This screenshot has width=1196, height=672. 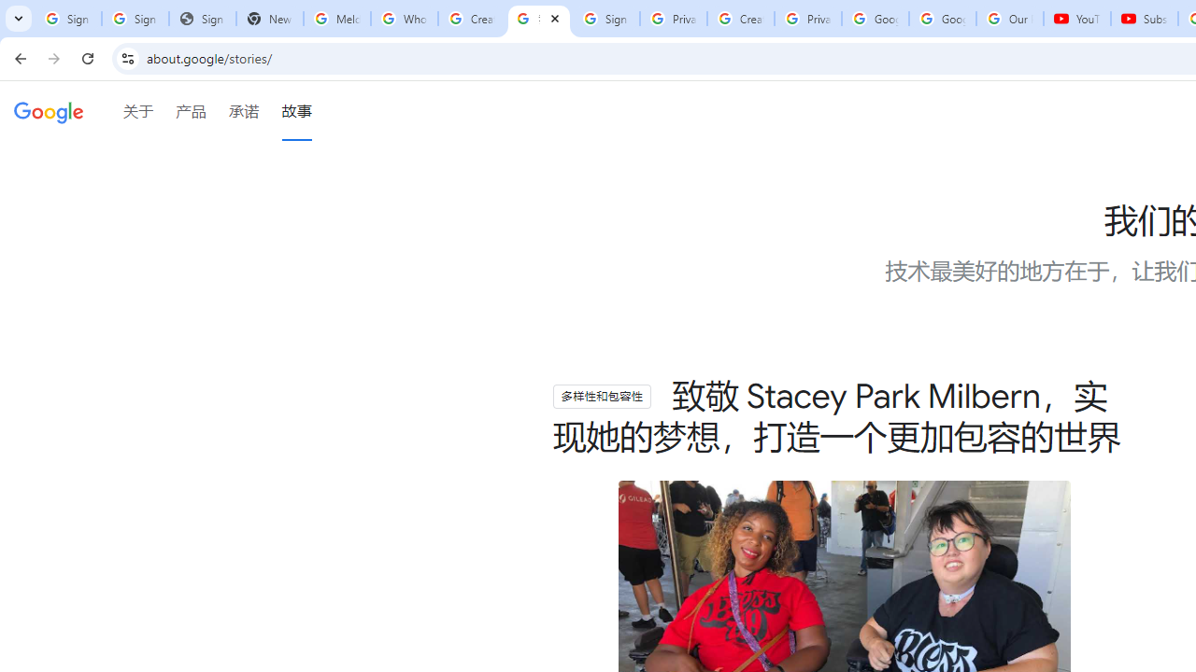 I want to click on 'Subscriptions - YouTube', so click(x=1143, y=19).